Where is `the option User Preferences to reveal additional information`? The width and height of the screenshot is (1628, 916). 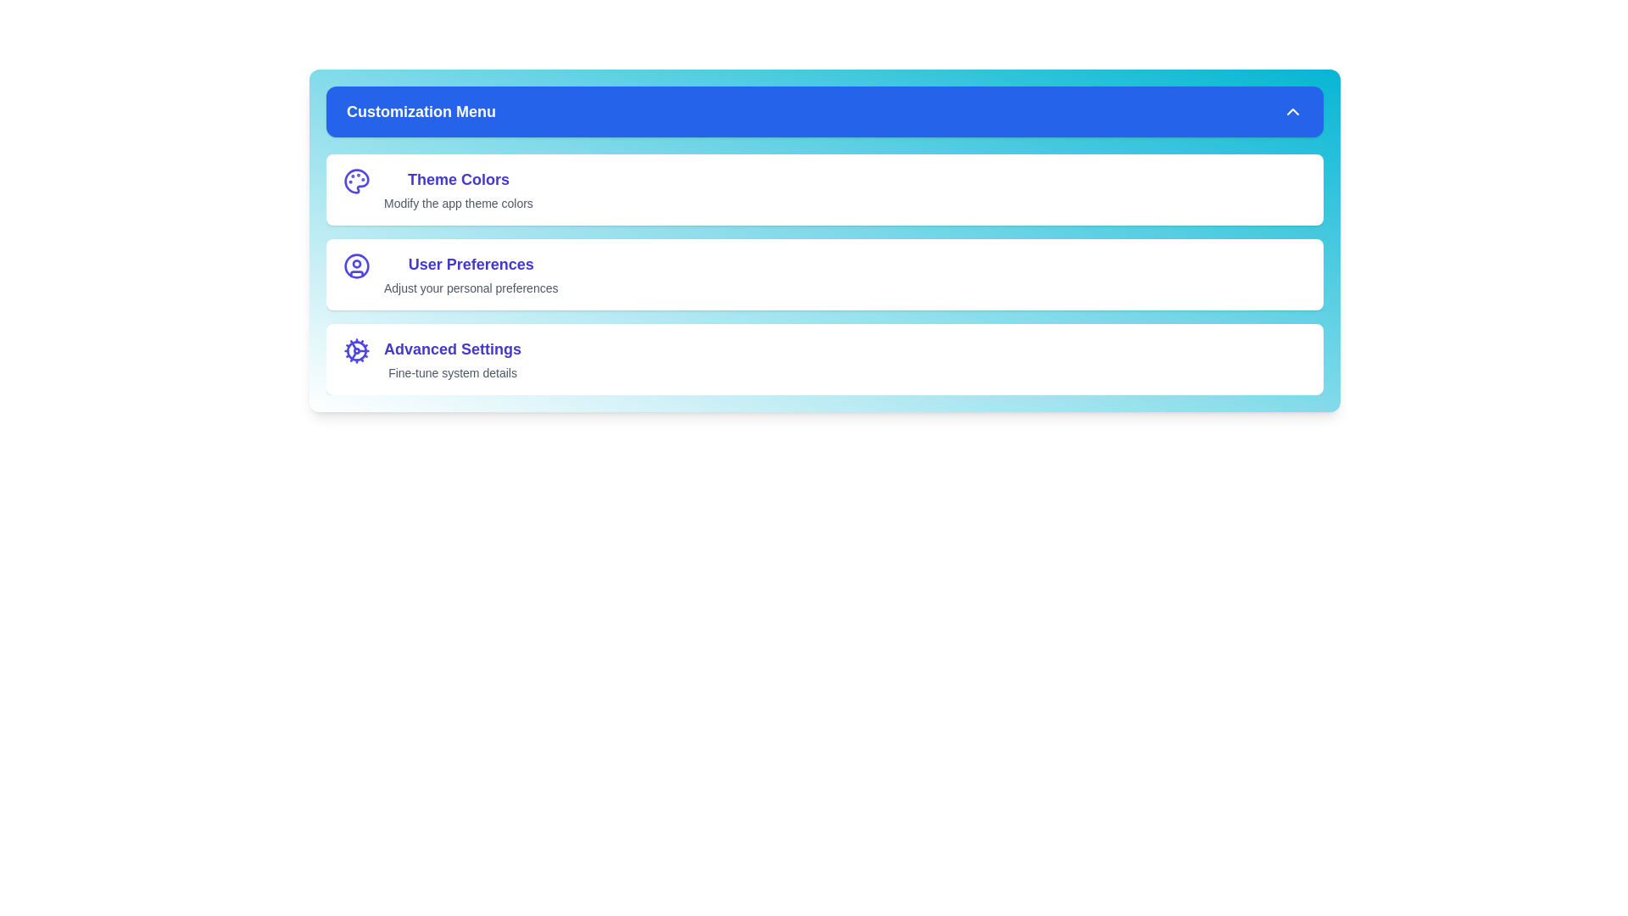
the option User Preferences to reveal additional information is located at coordinates (356, 274).